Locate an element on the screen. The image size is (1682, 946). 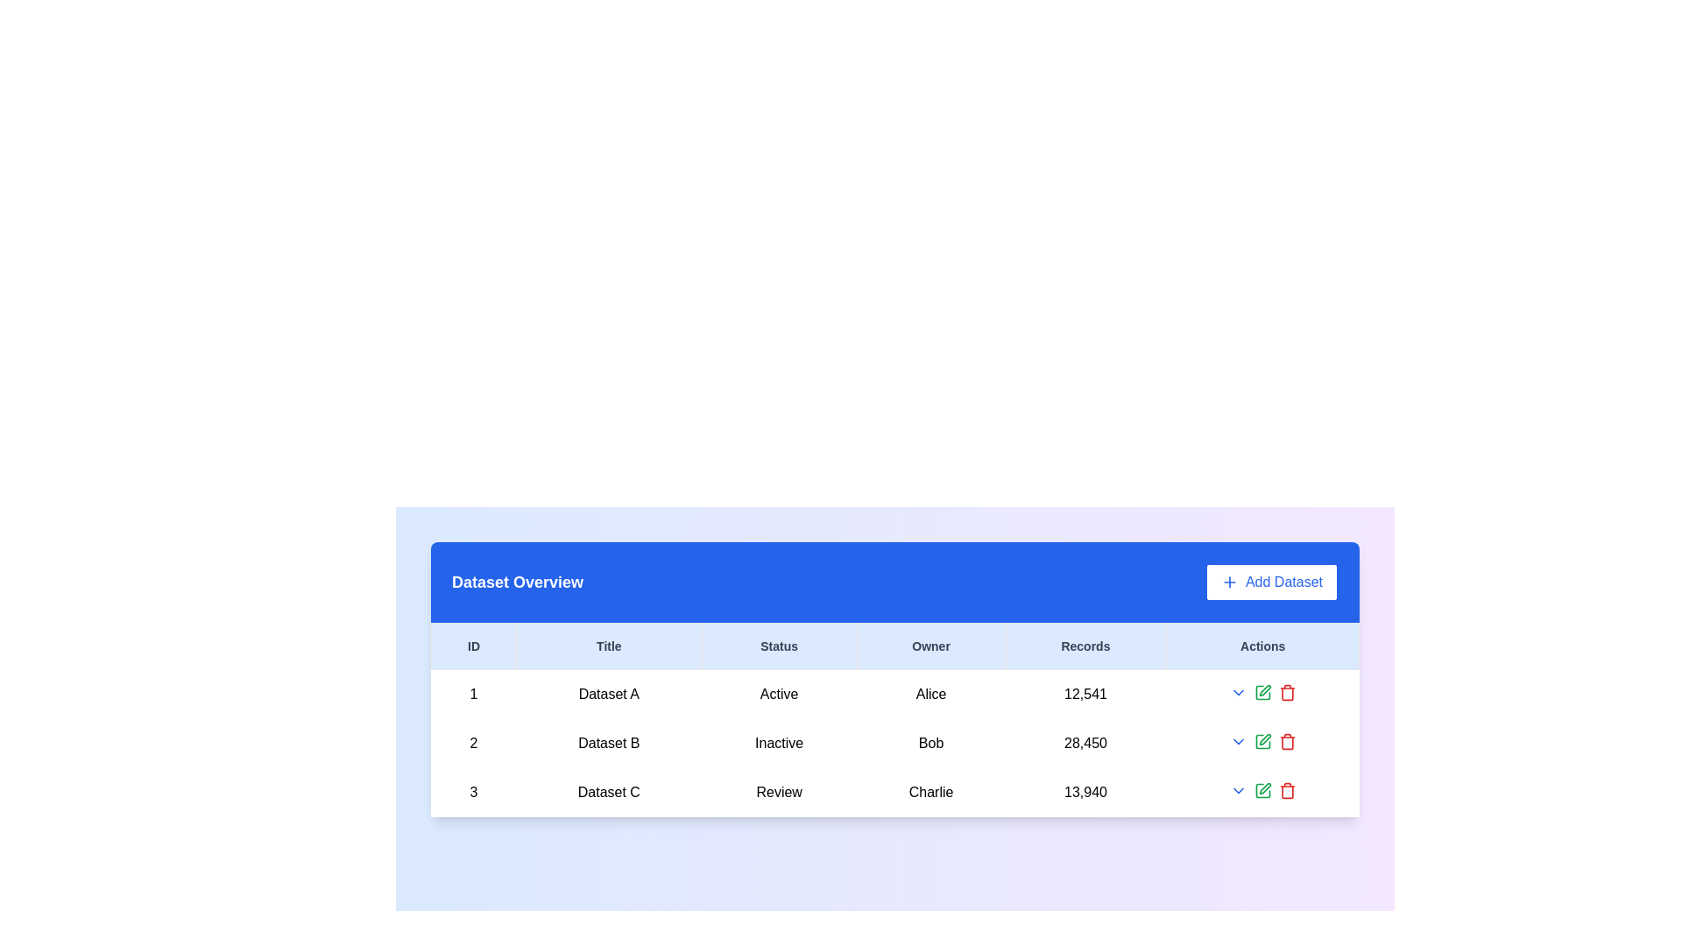
the 'Inactive' status label for 'Dataset B' in the 'Status' column of the table, which is display-only and non-interactive is located at coordinates (778, 743).